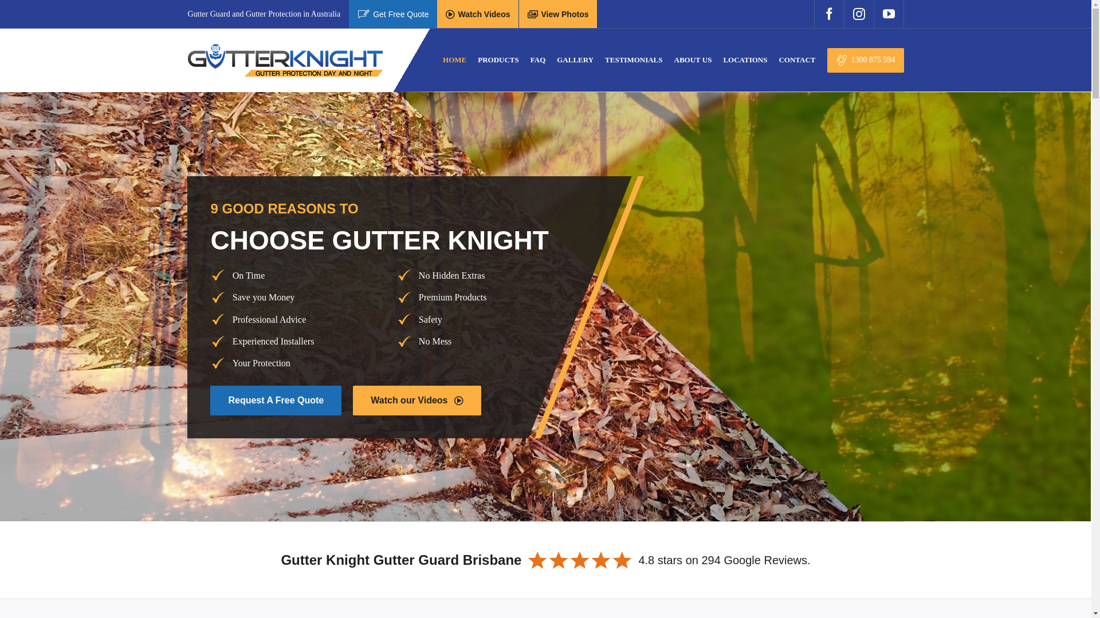  What do you see at coordinates (498, 60) in the screenshot?
I see `'PRODUCTS'` at bounding box center [498, 60].